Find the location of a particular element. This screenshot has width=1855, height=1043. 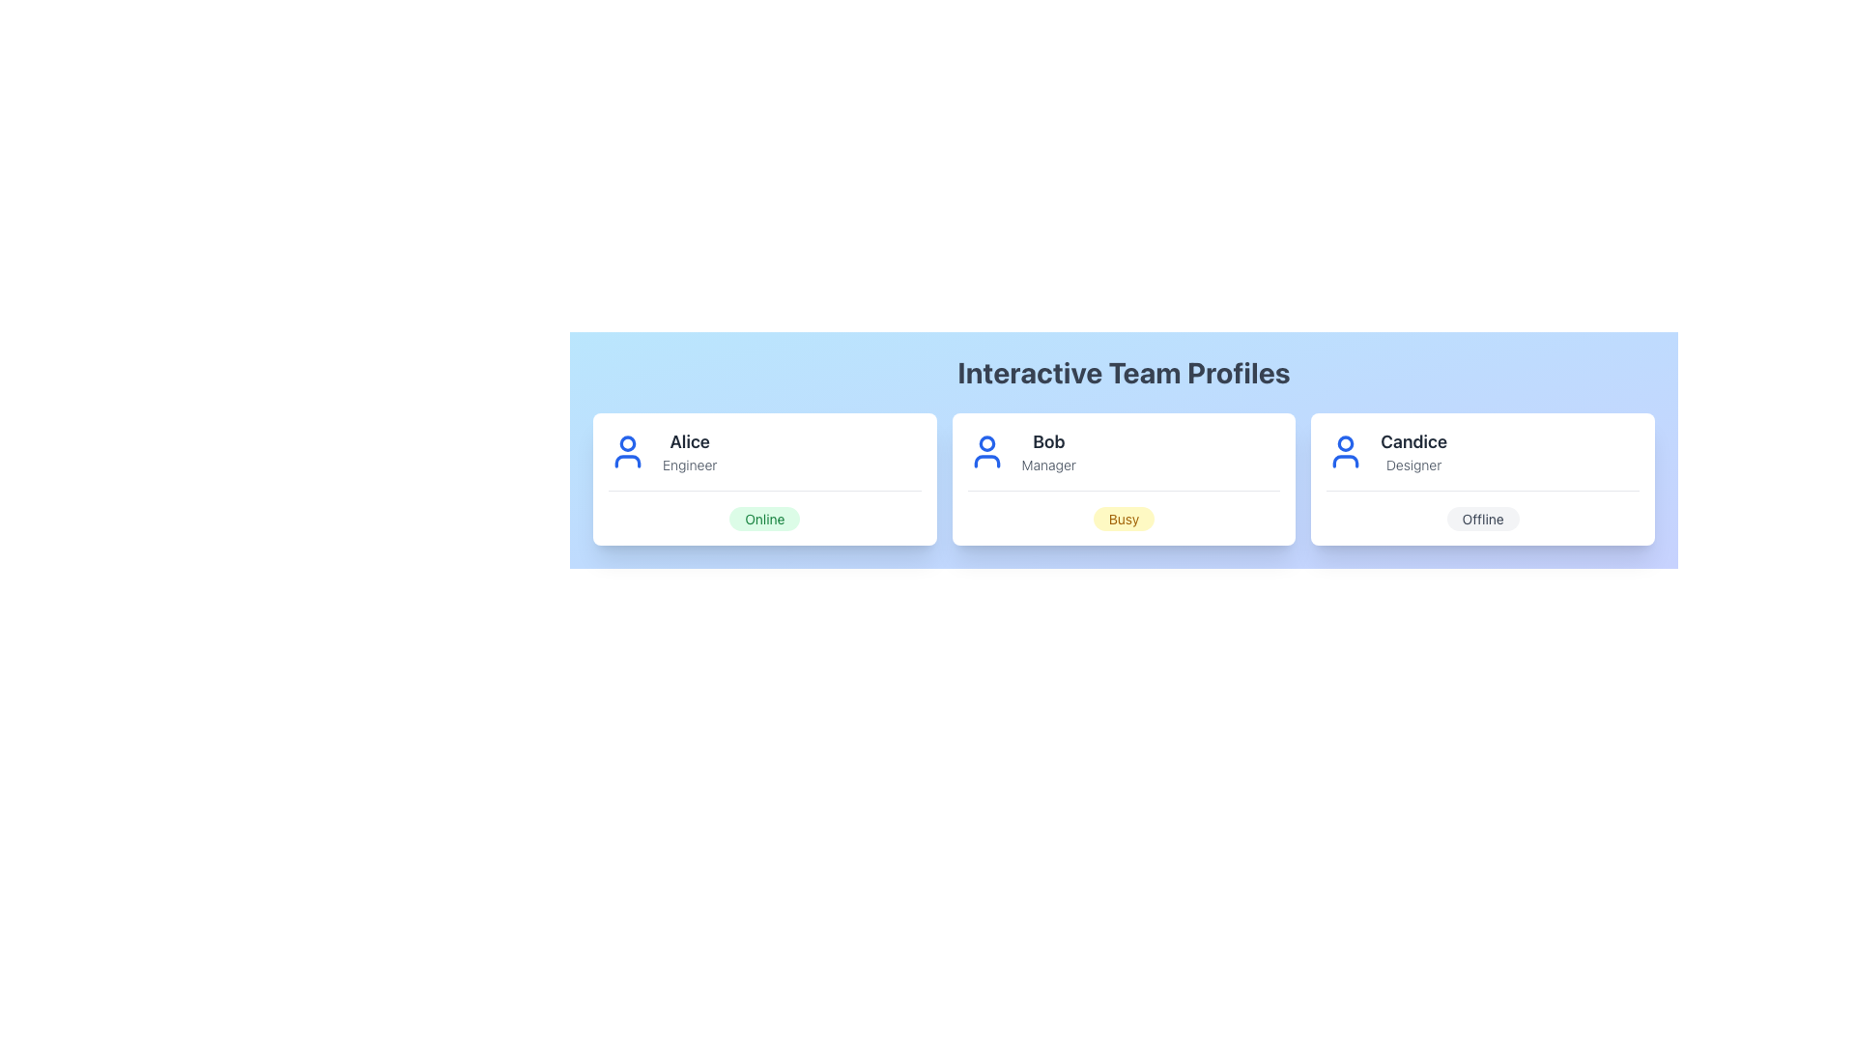

the text block displaying 'Bob' as the 'Manager' located at the center of the second card in a three-card layout is located at coordinates (1047, 451).